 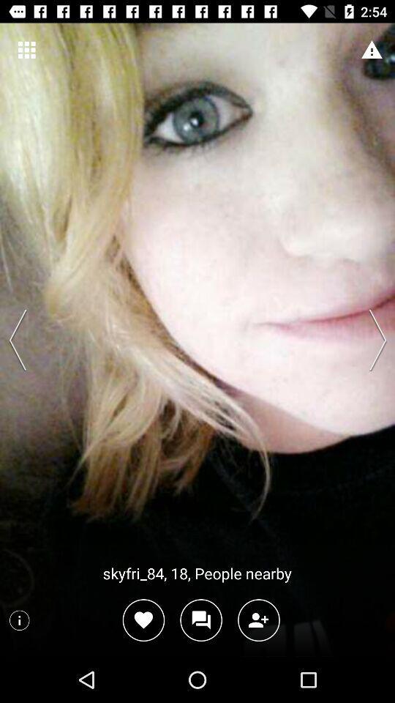 I want to click on as your friend, so click(x=258, y=620).